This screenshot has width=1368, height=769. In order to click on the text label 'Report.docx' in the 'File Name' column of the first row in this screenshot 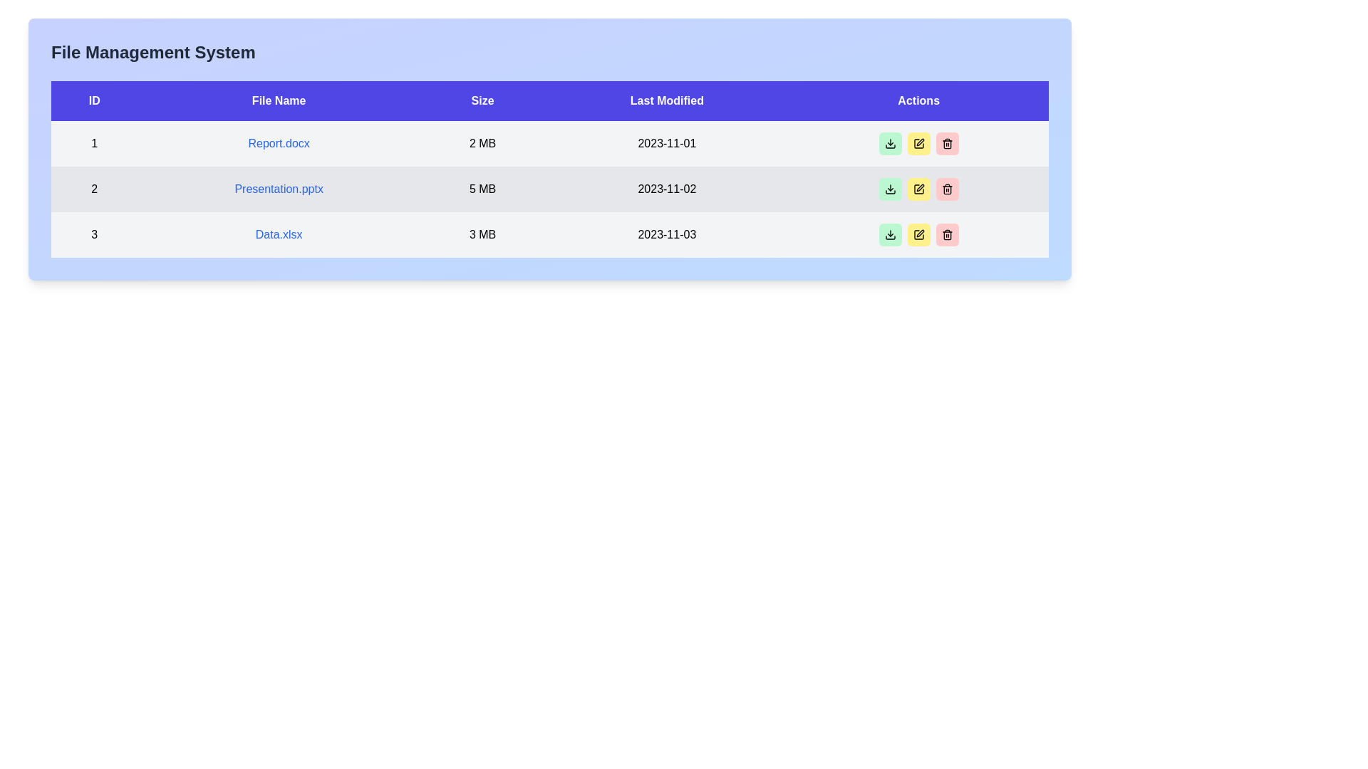, I will do `click(279, 143)`.